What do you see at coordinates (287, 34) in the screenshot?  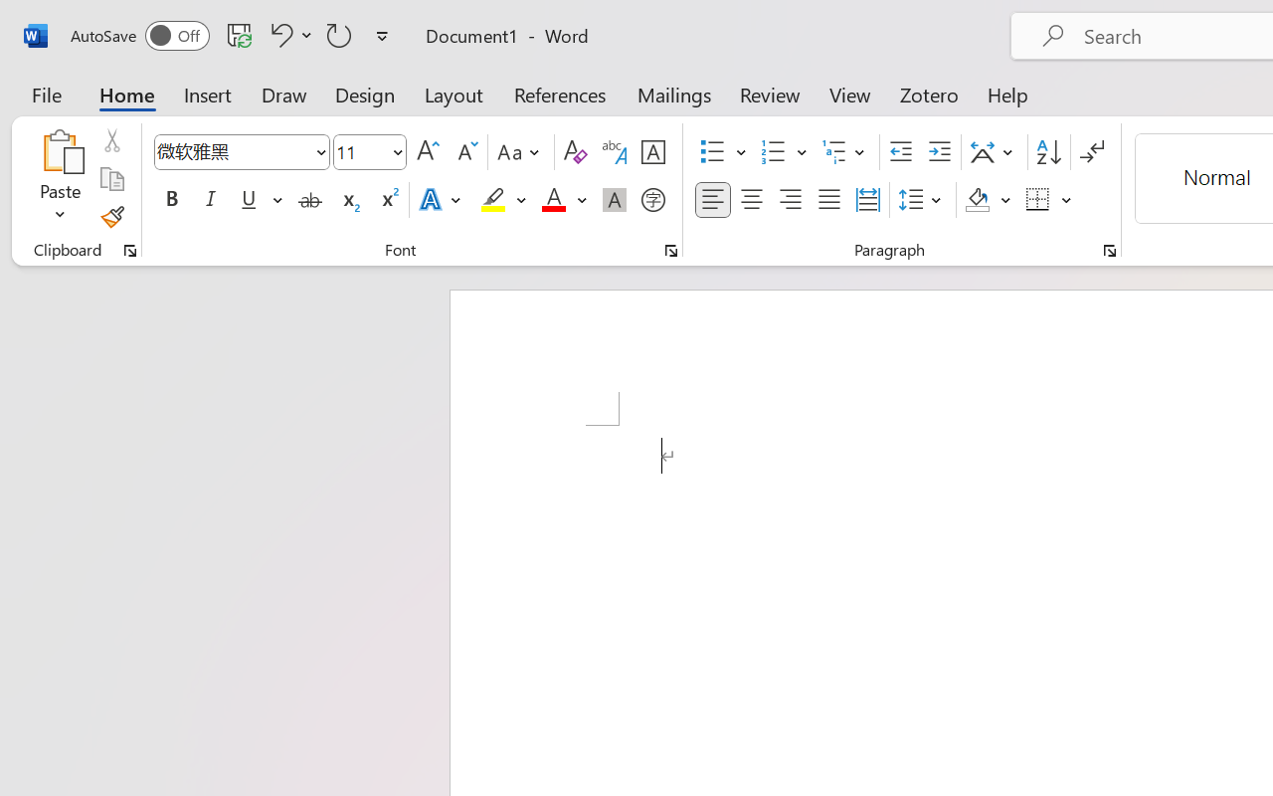 I see `'Undo <ApplyStyleToDoc>b__0'` at bounding box center [287, 34].